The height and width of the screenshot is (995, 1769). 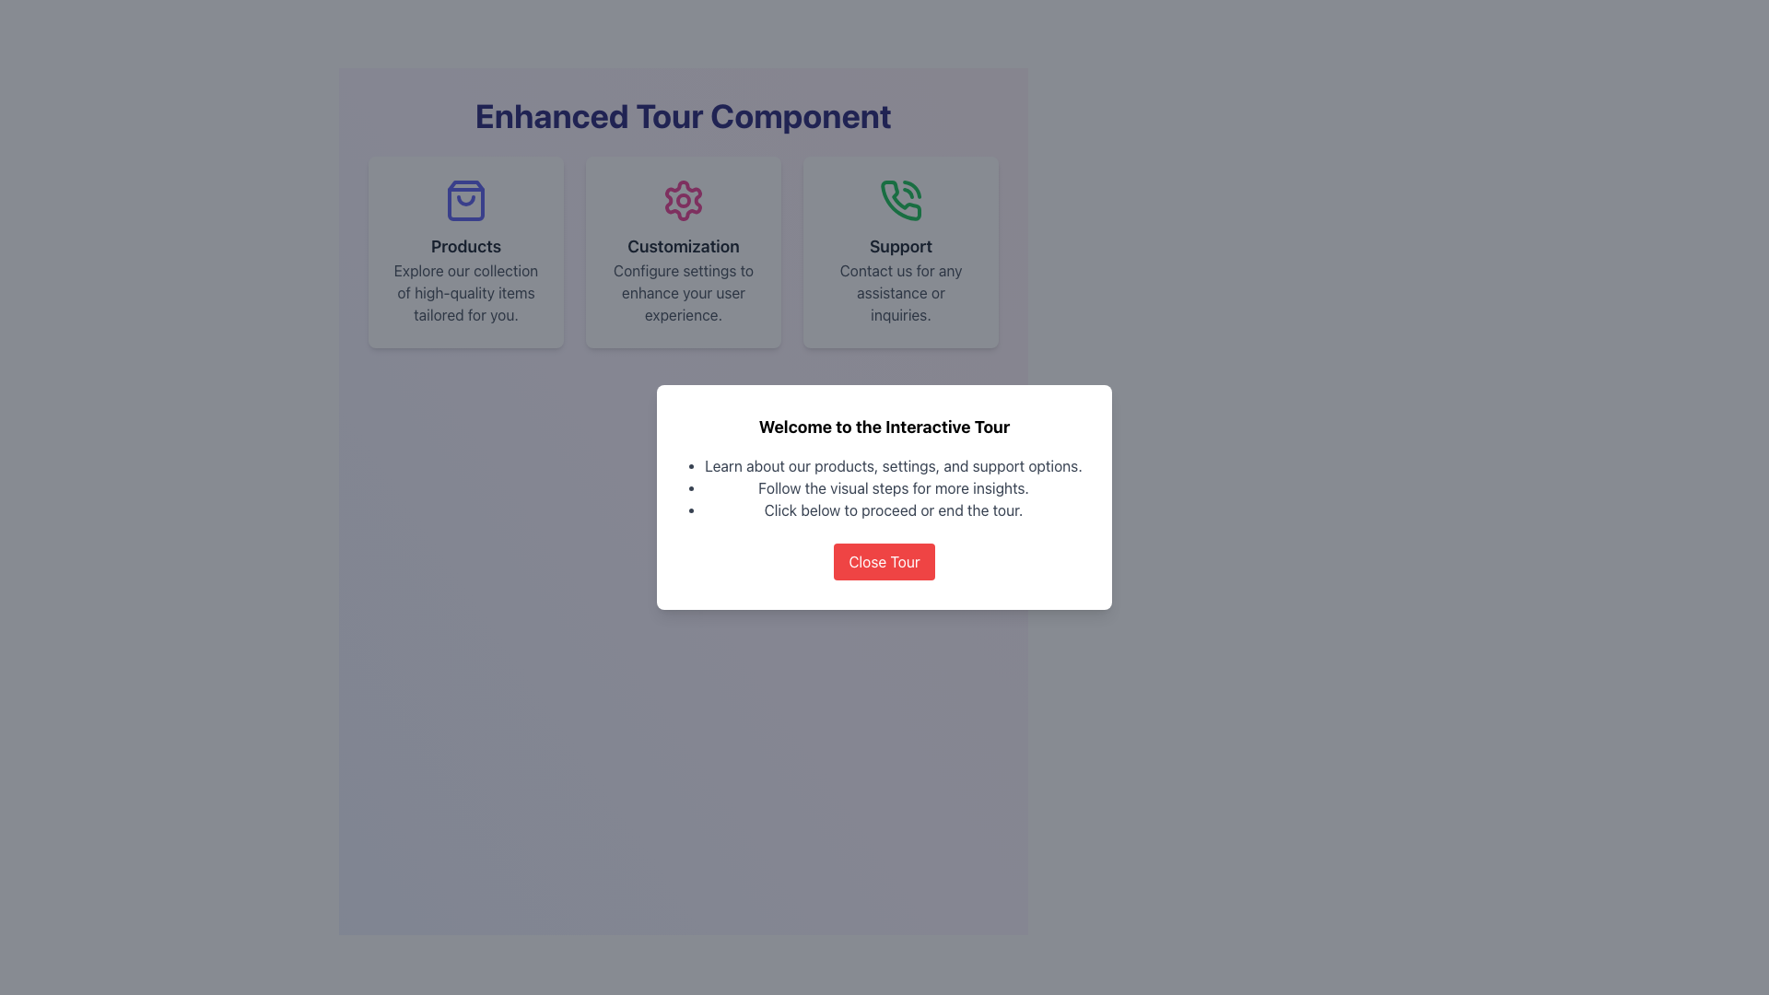 What do you see at coordinates (683, 291) in the screenshot?
I see `text block displaying the message 'Configure settings to enhance your user experience.' located within the 'Customization' card` at bounding box center [683, 291].